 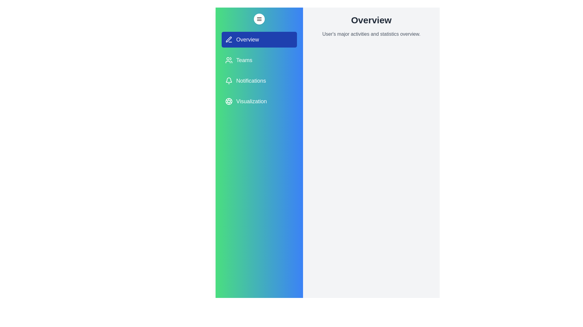 I want to click on the tab labeled Visualization from the drawer, so click(x=259, y=101).